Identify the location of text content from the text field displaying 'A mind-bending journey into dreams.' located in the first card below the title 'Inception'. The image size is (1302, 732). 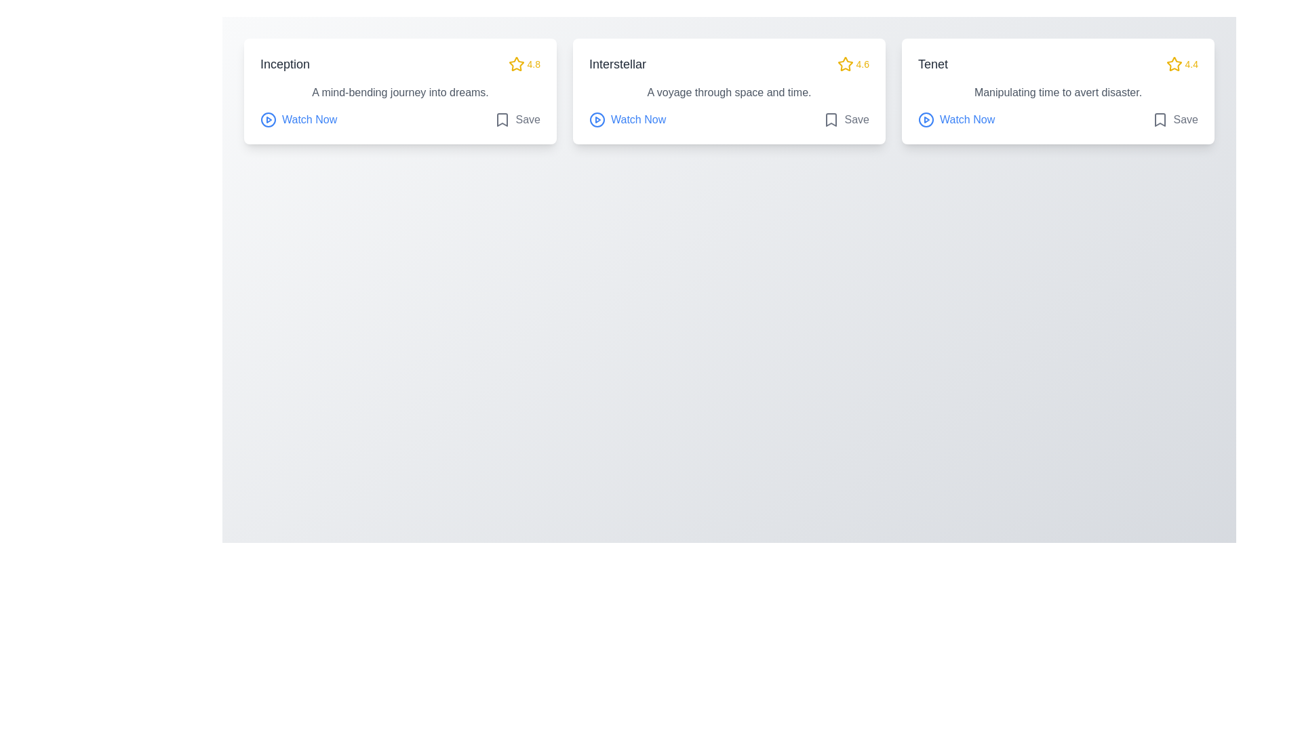
(399, 92).